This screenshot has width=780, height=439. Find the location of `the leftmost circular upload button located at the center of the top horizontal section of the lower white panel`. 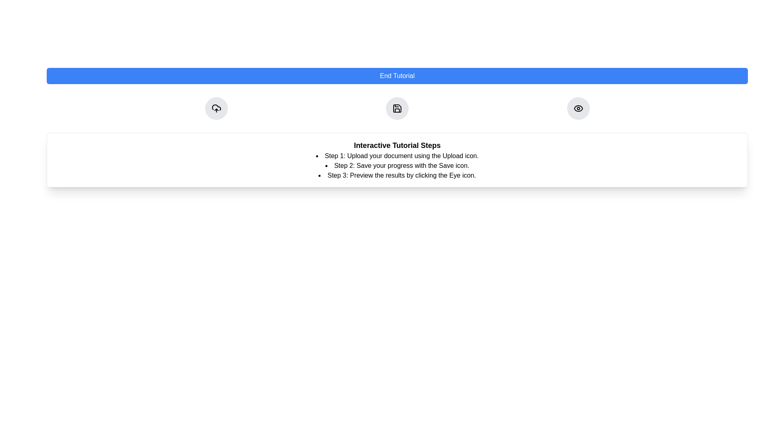

the leftmost circular upload button located at the center of the top horizontal section of the lower white panel is located at coordinates (216, 108).